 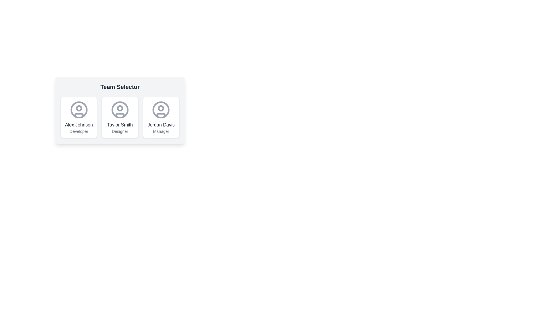 What do you see at coordinates (78, 110) in the screenshot?
I see `the decorative circle that serves as the outermost ring of the profile icon for 'Alex Johnson, Developer' in the first user card of the 'Team Selector' area` at bounding box center [78, 110].